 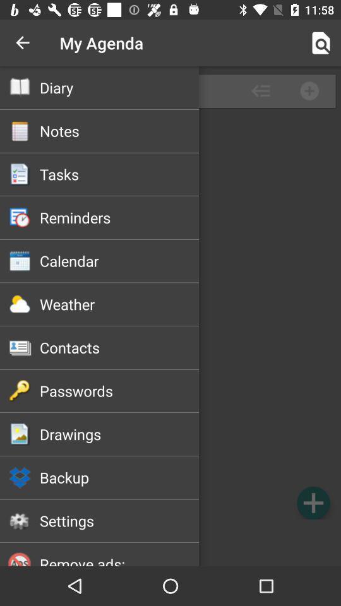 What do you see at coordinates (119, 304) in the screenshot?
I see `icon above contacts item` at bounding box center [119, 304].